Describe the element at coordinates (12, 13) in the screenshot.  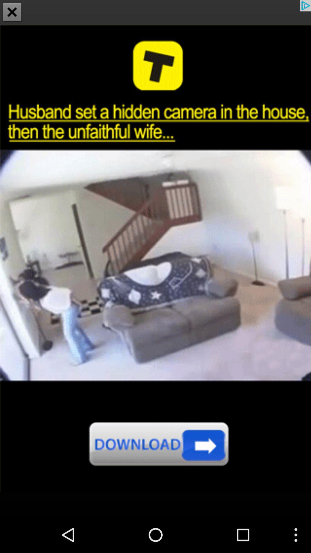
I see `the close icon` at that location.